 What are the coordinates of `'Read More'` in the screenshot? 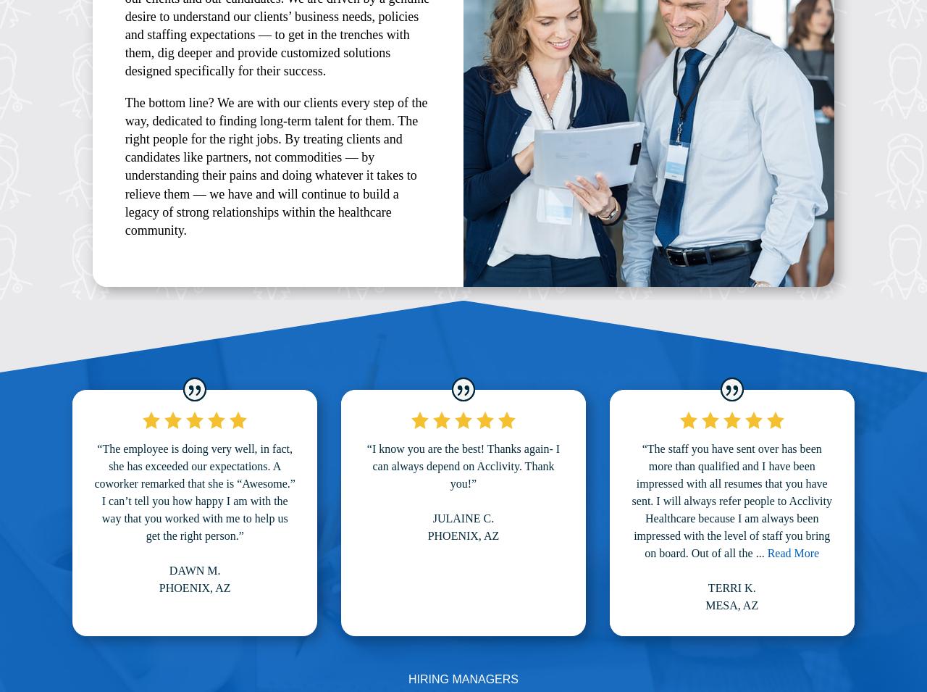 It's located at (792, 551).